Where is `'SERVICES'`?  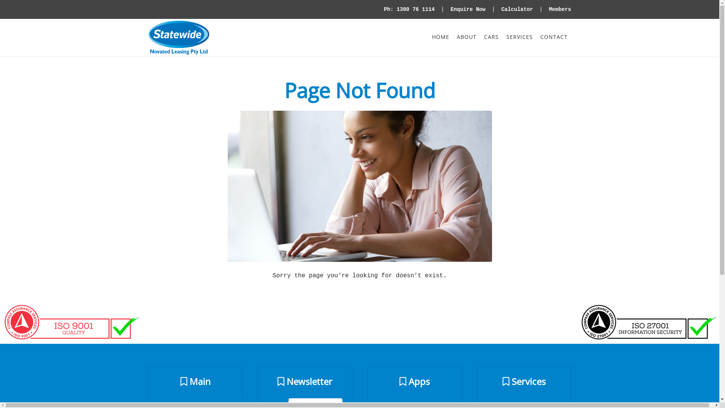
'SERVICES' is located at coordinates (518, 37).